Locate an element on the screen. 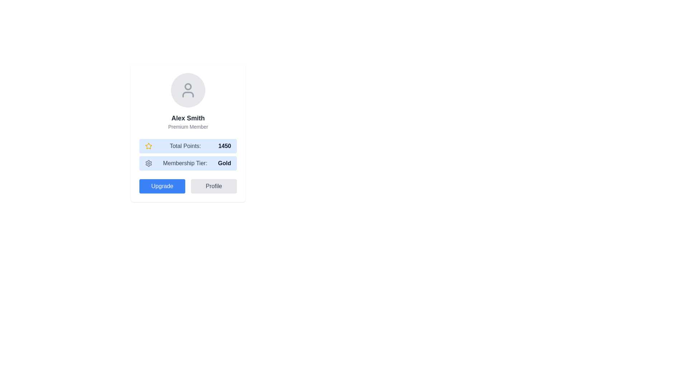 The height and width of the screenshot is (387, 688). the Image Placeholder representing Alex Smith's profile picture, located centrally above the user's name and membership details is located at coordinates (188, 90).